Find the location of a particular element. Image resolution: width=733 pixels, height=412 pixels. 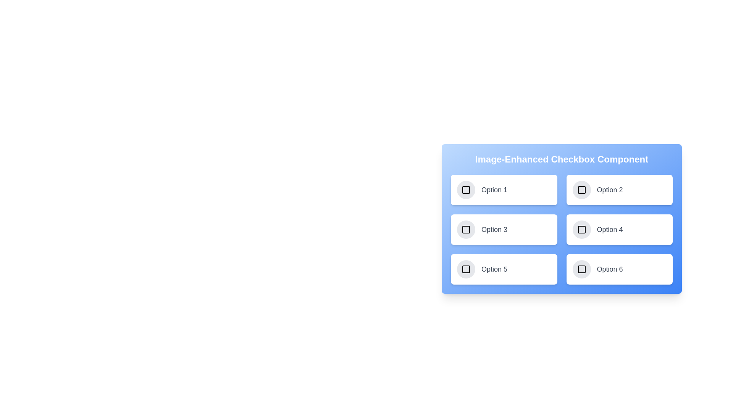

the checkbox corresponding to 3 is located at coordinates (465, 229).